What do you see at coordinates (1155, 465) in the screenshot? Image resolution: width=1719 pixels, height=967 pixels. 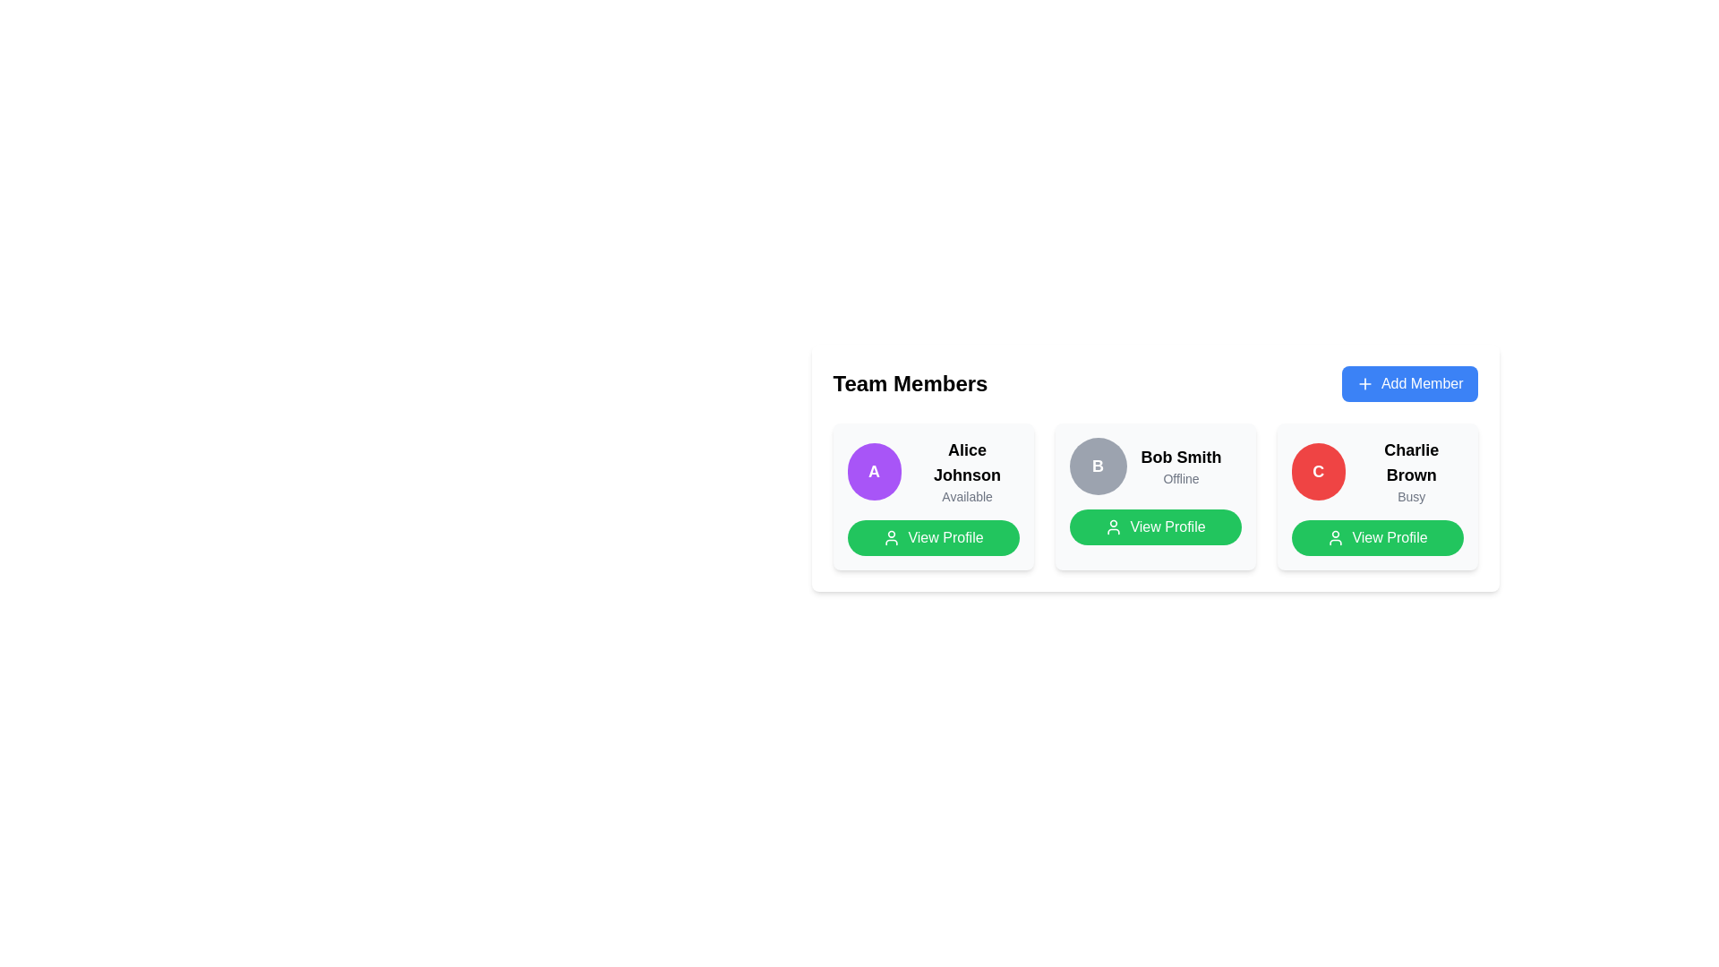 I see `the Profile Summary element displaying the user avatar with the initial 'B', the name 'Bob Smith' in bold black font, and the status 'Offline' in gray, which is the second user card under 'Team Members'` at bounding box center [1155, 465].